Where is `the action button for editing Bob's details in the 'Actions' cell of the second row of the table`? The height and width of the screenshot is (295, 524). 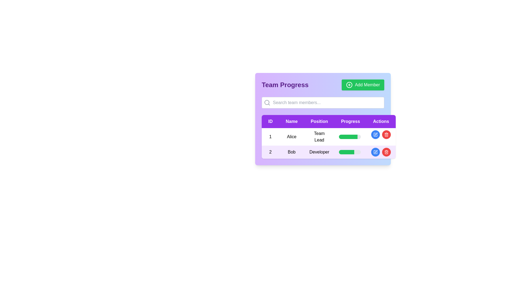
the action button for editing Bob's details in the 'Actions' cell of the second row of the table is located at coordinates (375, 152).